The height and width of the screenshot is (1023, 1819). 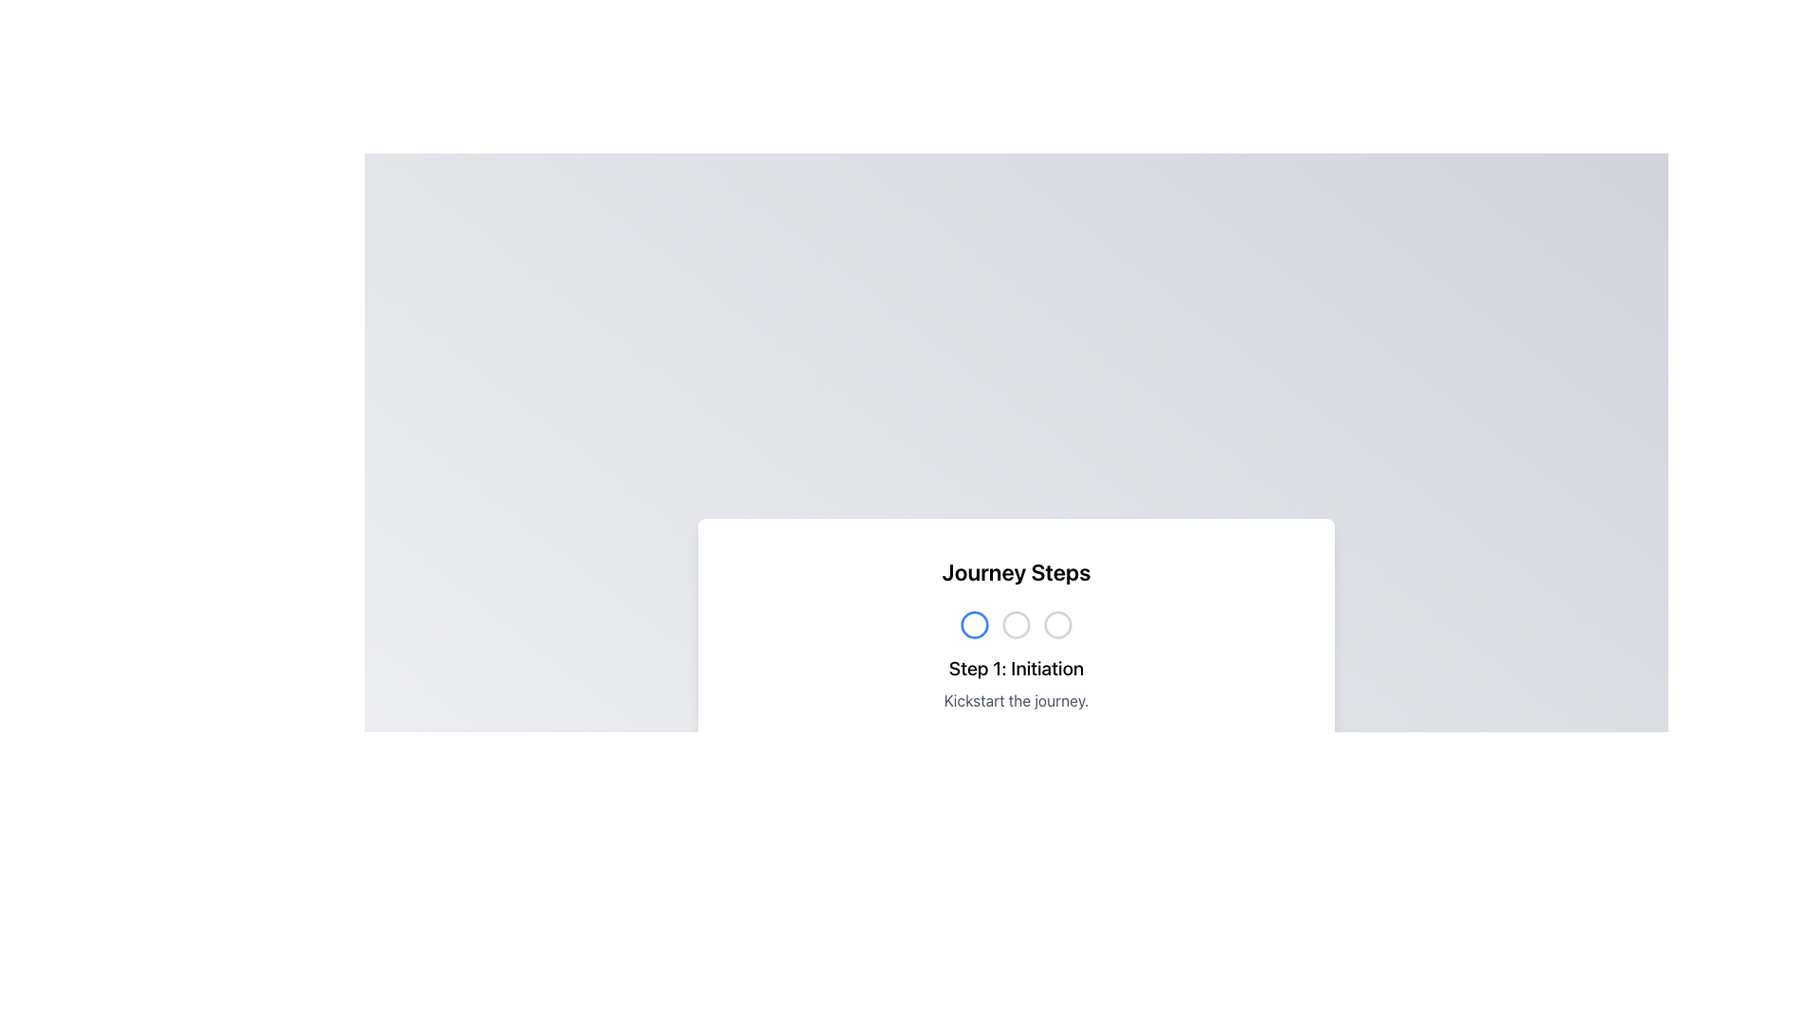 I want to click on the second circle, so click(x=1016, y=624).